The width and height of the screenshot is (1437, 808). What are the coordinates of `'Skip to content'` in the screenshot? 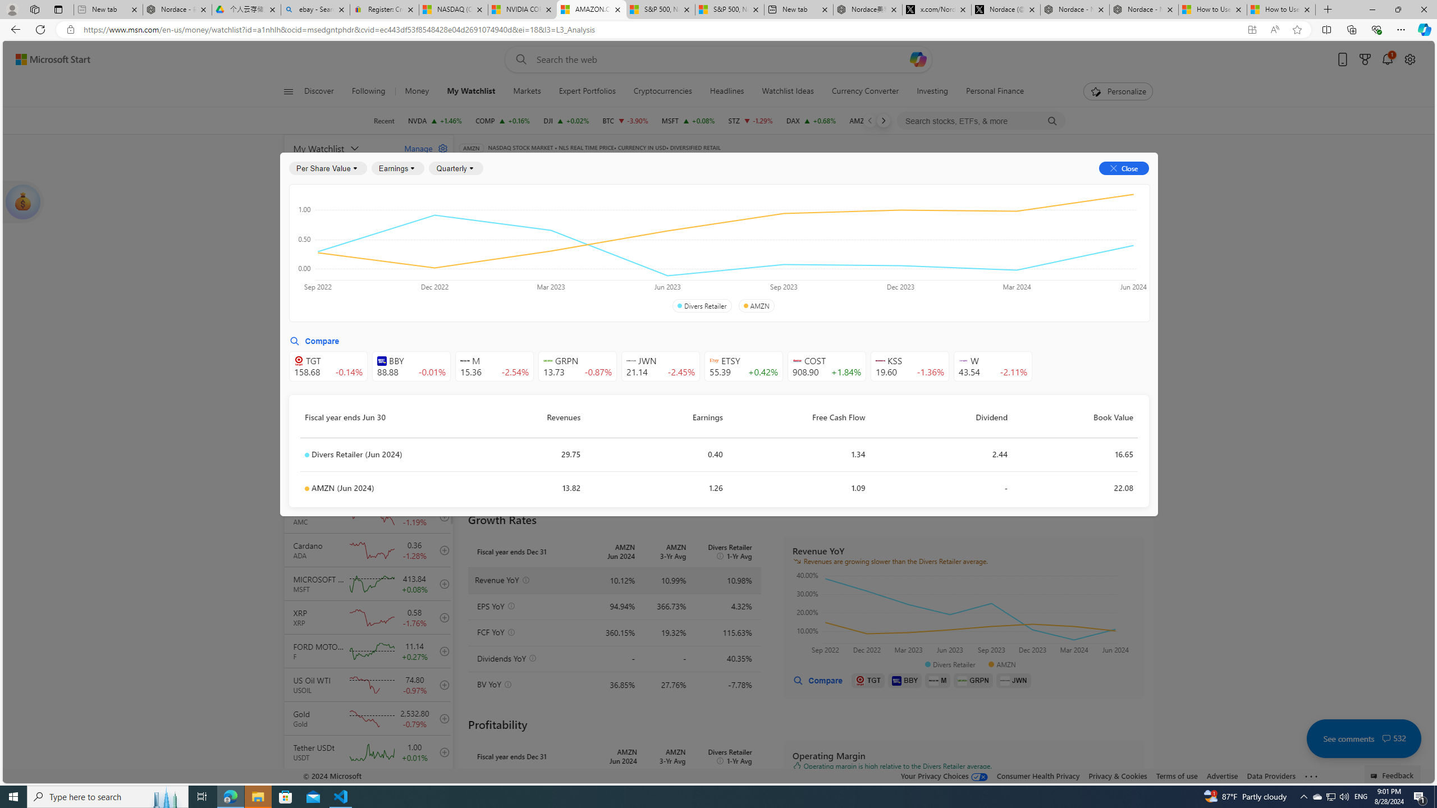 It's located at (48, 58).